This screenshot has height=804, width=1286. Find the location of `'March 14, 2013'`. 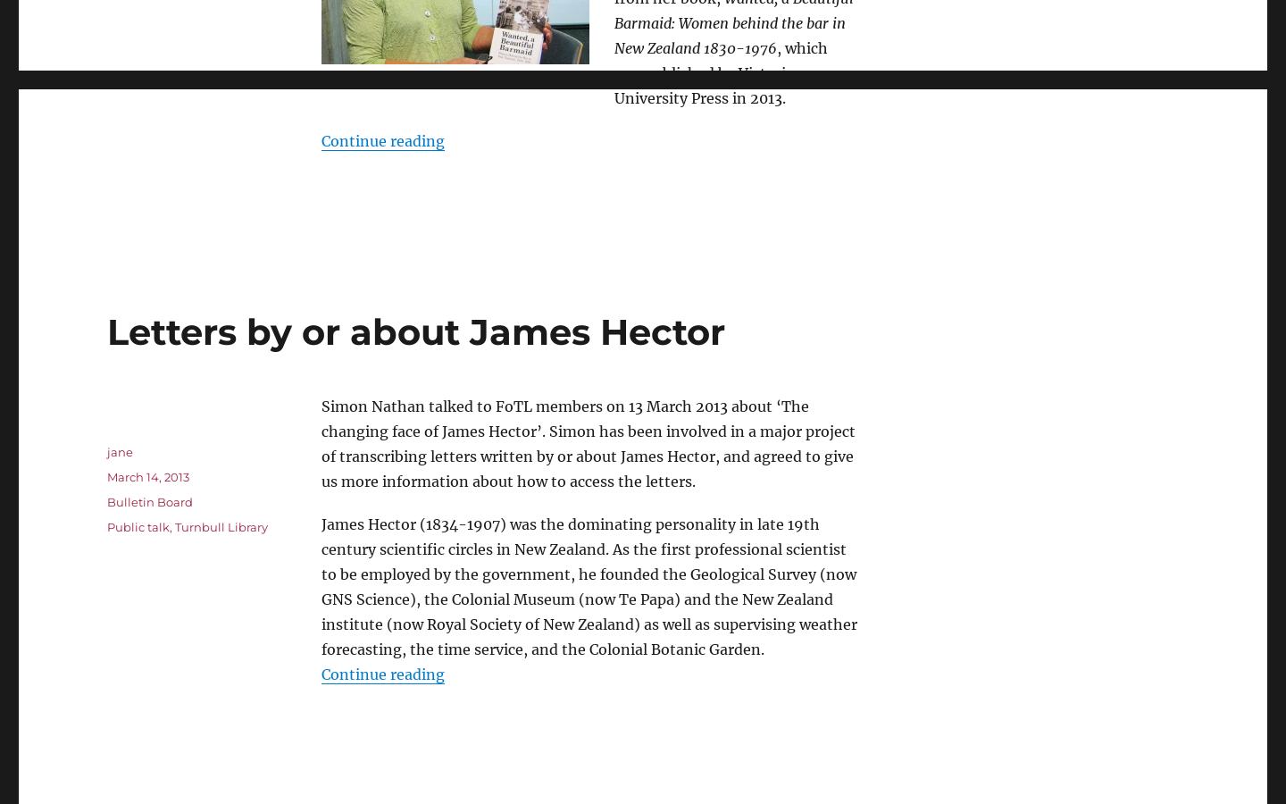

'March 14, 2013' is located at coordinates (147, 474).